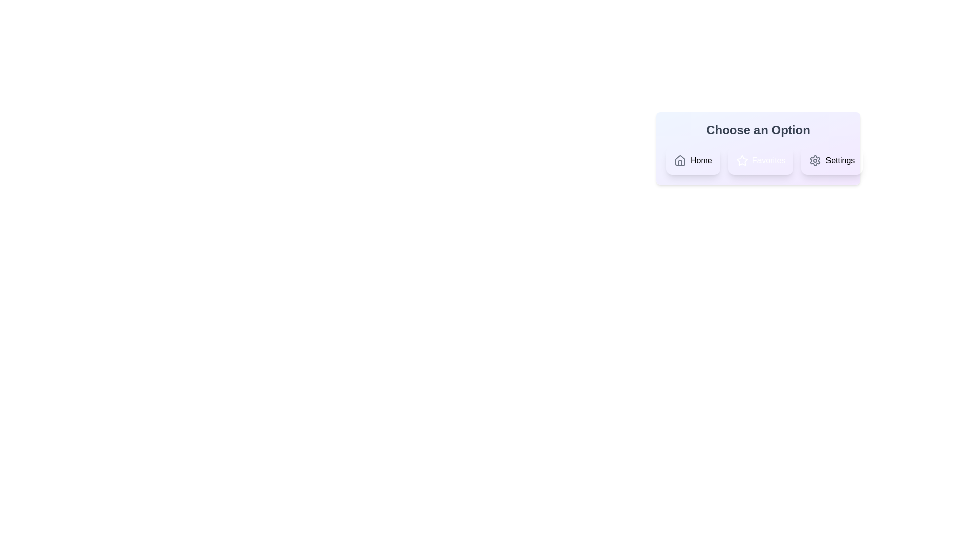  I want to click on the chip labeled Home, so click(693, 160).